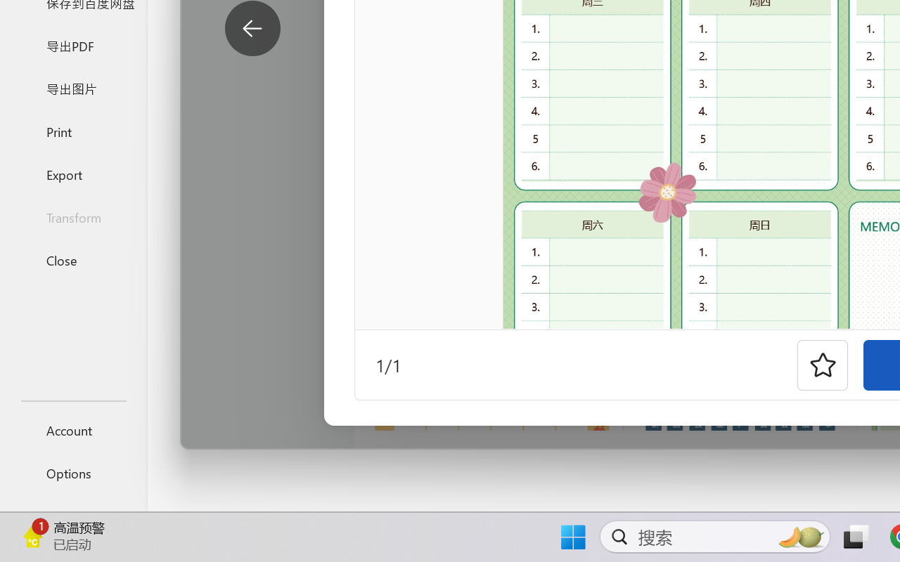 The width and height of the screenshot is (900, 562). I want to click on 'Print', so click(72, 131).